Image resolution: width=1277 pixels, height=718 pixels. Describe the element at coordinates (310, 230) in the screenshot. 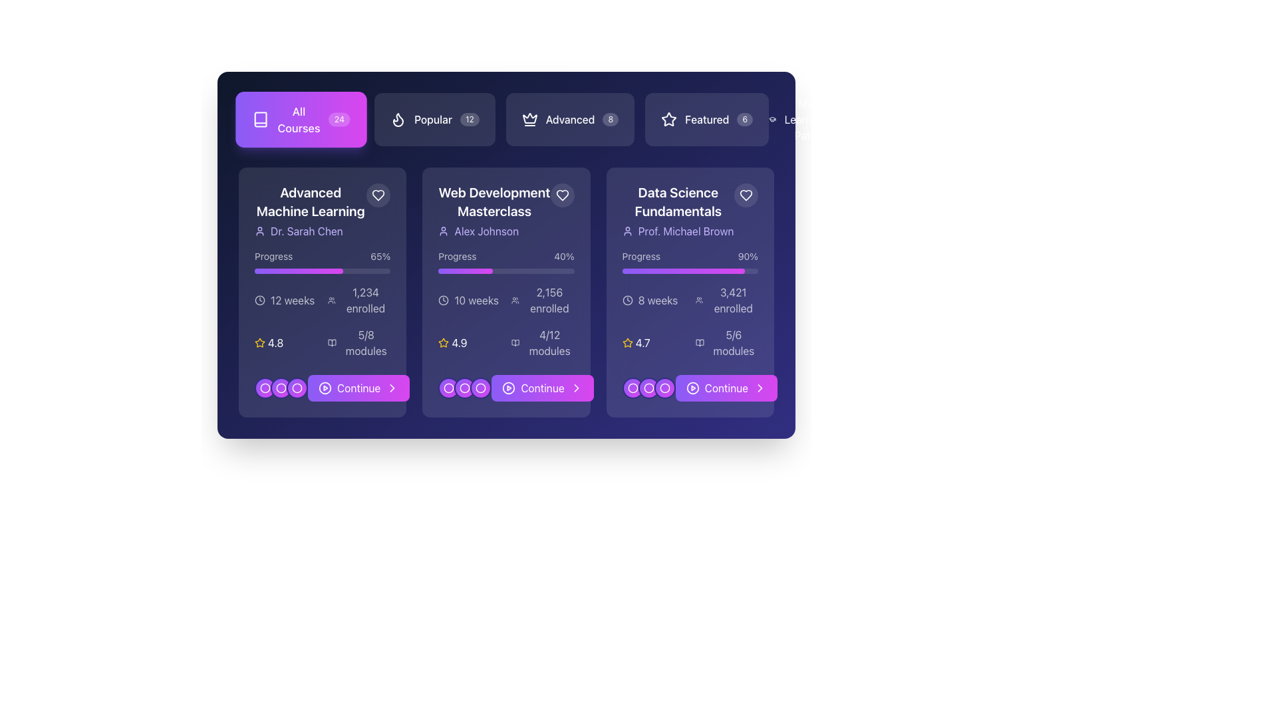

I see `the instructor name label associated with the 'Advanced Machine Learning' course, located at the bottom-left of the course card, below the title` at that location.